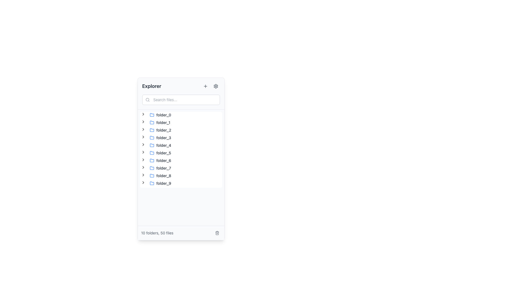 The height and width of the screenshot is (293, 522). I want to click on the tree node labeled 'folder_1', so click(160, 122).